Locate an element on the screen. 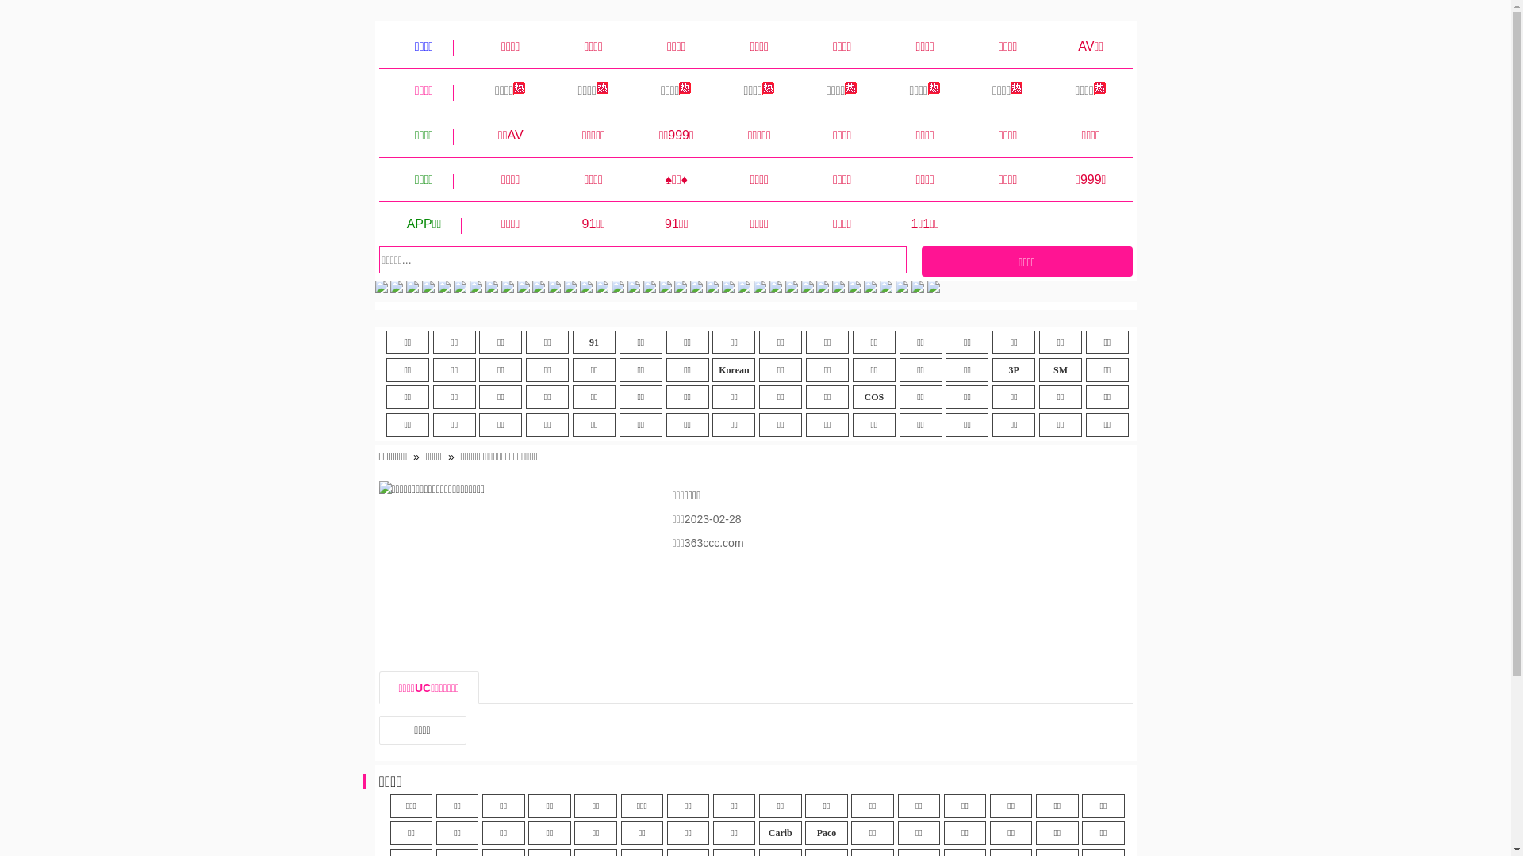 Image resolution: width=1523 pixels, height=856 pixels. 'Paco' is located at coordinates (825, 831).